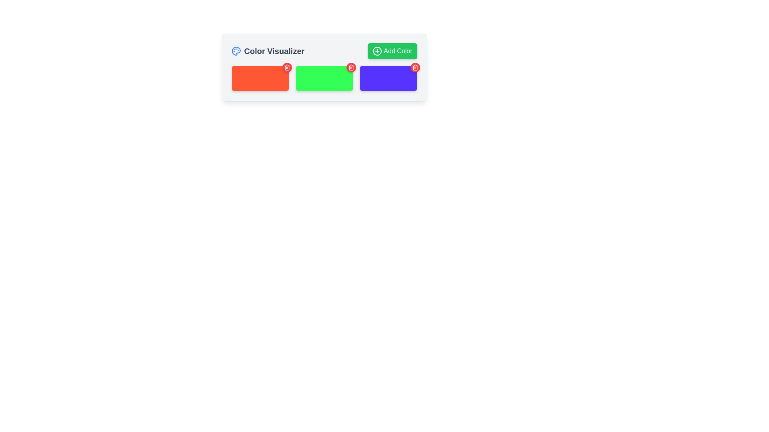 The image size is (769, 432). What do you see at coordinates (324, 78) in the screenshot?
I see `the green color display box located in the middle of the row of three boxes within the 'Color Visualizer' section` at bounding box center [324, 78].